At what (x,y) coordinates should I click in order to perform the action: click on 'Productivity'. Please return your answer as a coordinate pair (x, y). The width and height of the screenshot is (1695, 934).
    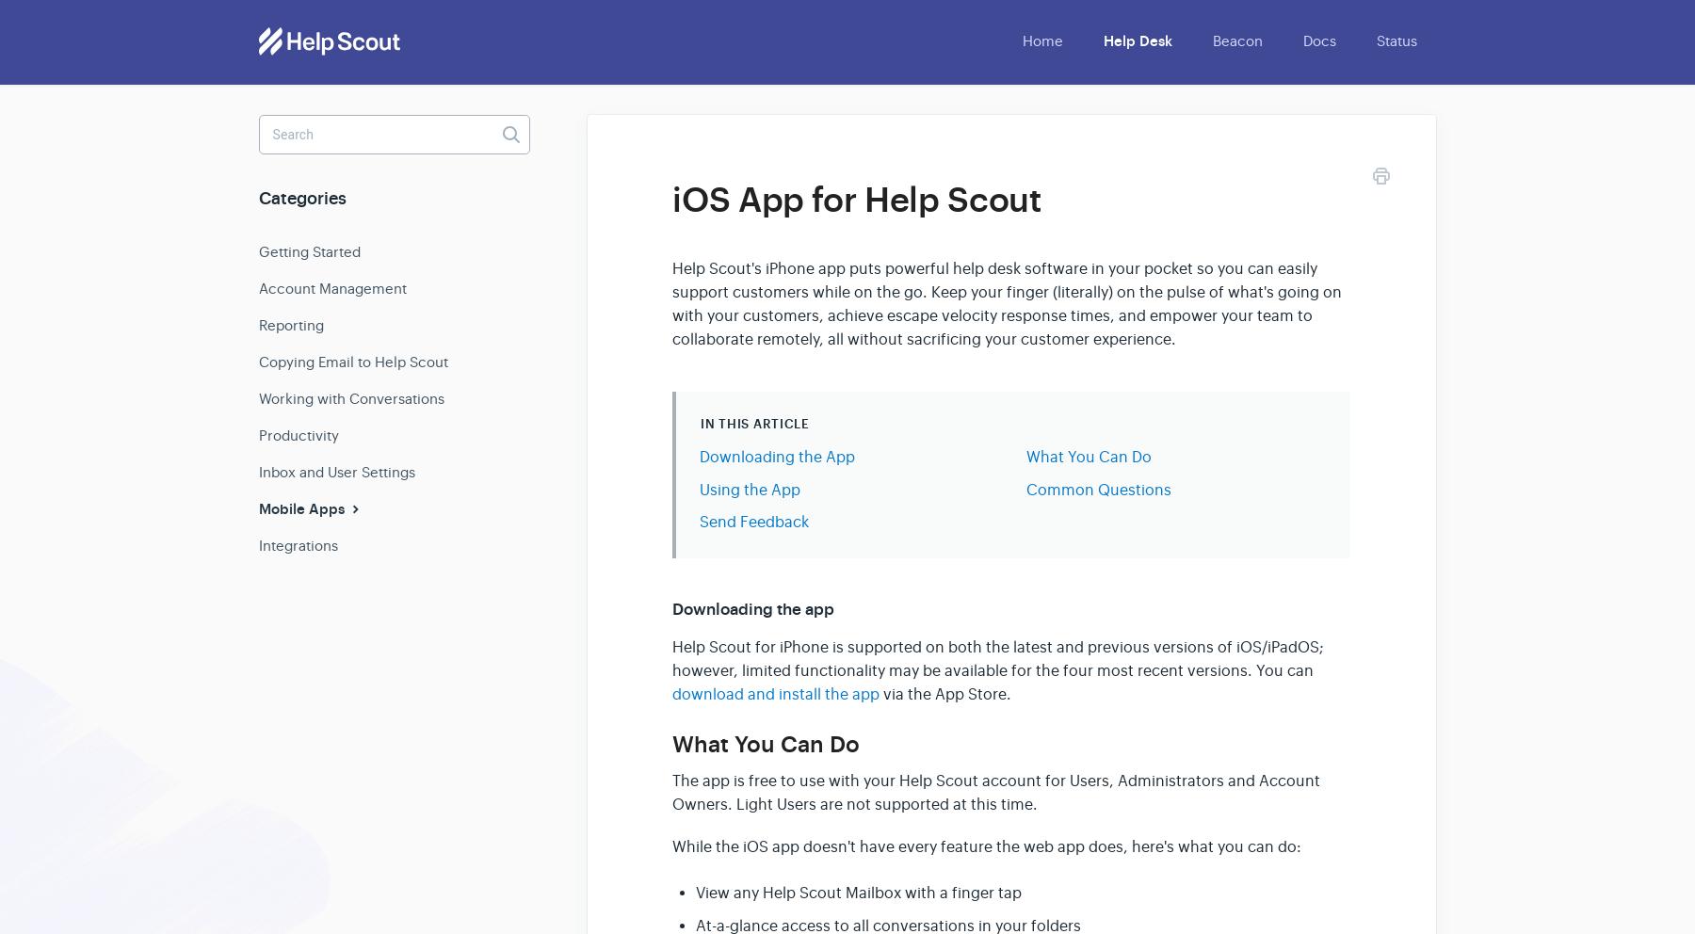
    Looking at the image, I should click on (298, 435).